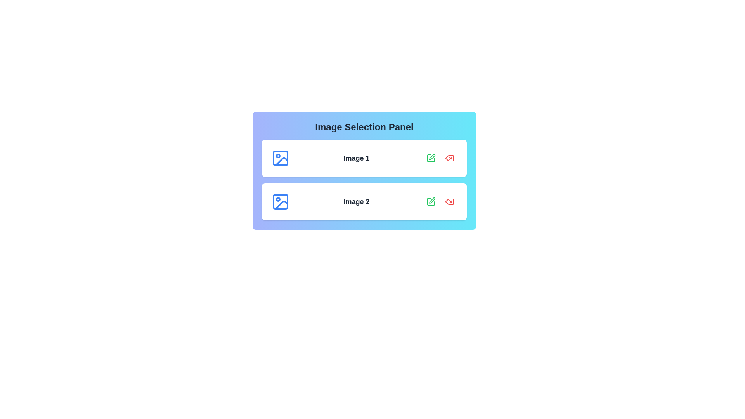 The width and height of the screenshot is (745, 419). What do you see at coordinates (280, 158) in the screenshot?
I see `the blue image placeholder icon located in the top panel of the 'Image Selection Panel', to the far left of 'Image 1'` at bounding box center [280, 158].